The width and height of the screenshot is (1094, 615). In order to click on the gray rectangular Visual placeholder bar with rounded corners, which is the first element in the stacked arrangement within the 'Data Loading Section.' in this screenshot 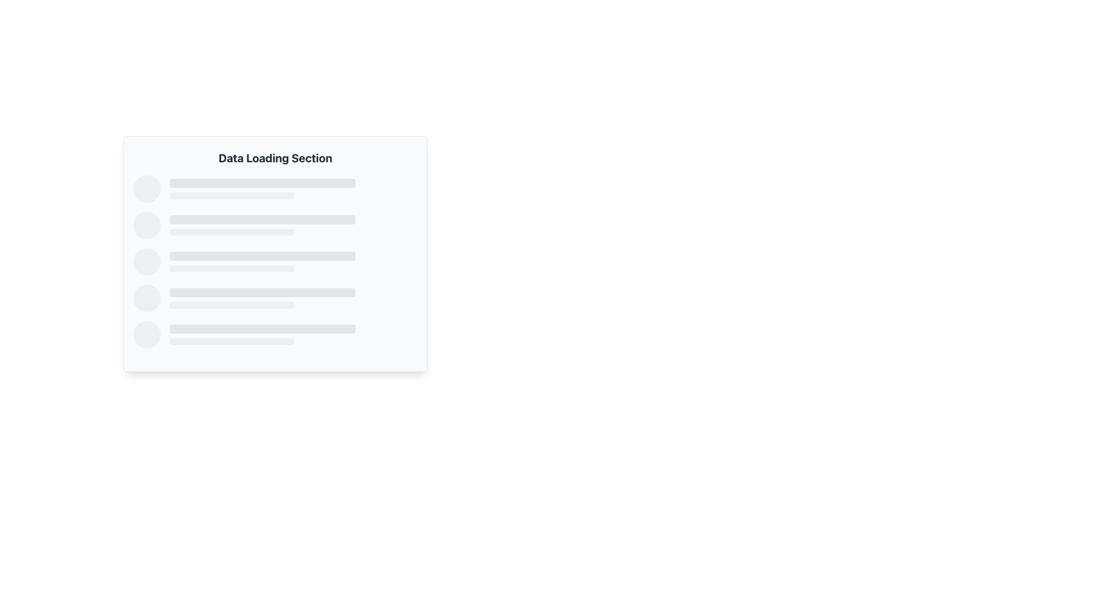, I will do `click(262, 329)`.